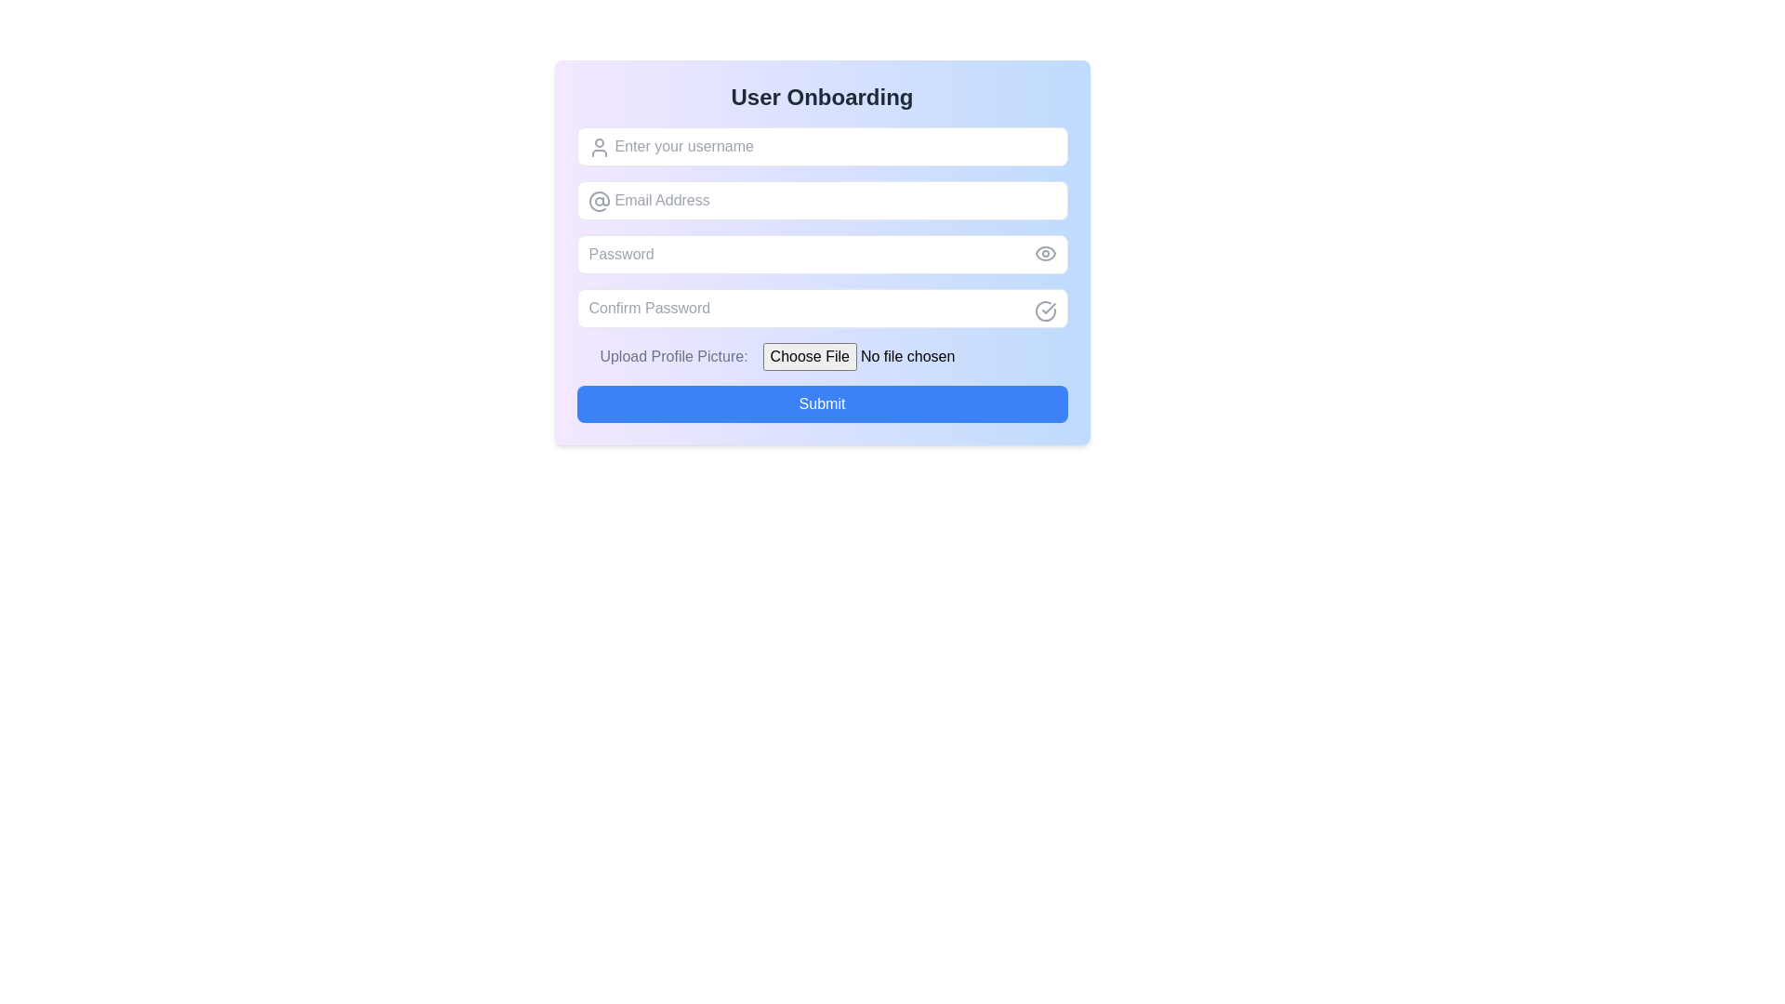 The image size is (1785, 1004). Describe the element at coordinates (672, 356) in the screenshot. I see `the Text label that indicates the function of the file upload input field for uploading a profile picture, located near the center-bottom of the user onboarding form` at that location.